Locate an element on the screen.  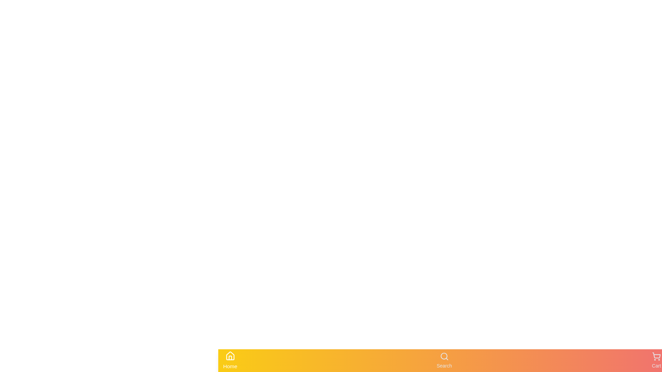
the Search tab to navigate to its section is located at coordinates (444, 360).